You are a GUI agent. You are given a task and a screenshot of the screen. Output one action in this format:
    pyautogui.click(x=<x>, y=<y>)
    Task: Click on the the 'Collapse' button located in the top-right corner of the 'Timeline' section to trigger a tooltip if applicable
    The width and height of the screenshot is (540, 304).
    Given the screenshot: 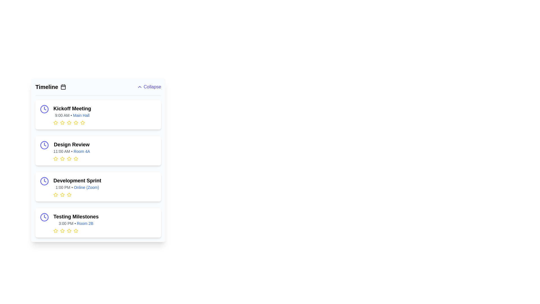 What is the action you would take?
    pyautogui.click(x=149, y=87)
    